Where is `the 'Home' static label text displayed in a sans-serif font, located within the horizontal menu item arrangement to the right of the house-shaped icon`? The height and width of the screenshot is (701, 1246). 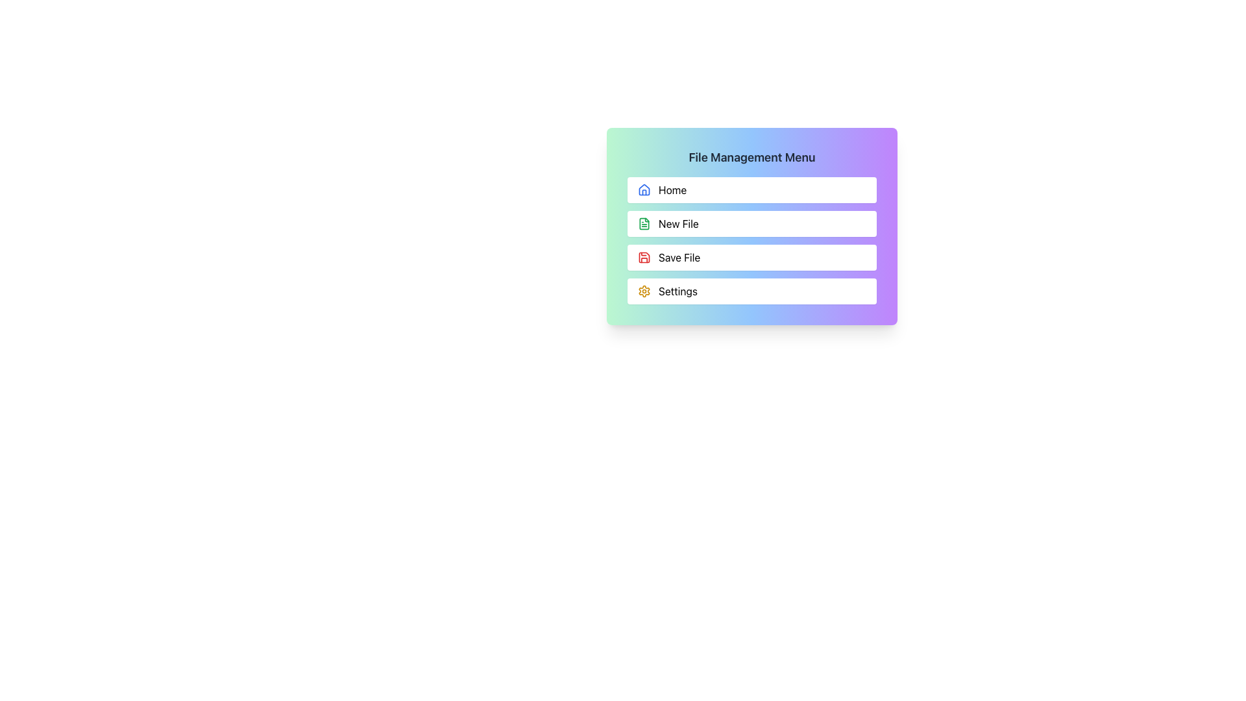 the 'Home' static label text displayed in a sans-serif font, located within the horizontal menu item arrangement to the right of the house-shaped icon is located at coordinates (672, 190).